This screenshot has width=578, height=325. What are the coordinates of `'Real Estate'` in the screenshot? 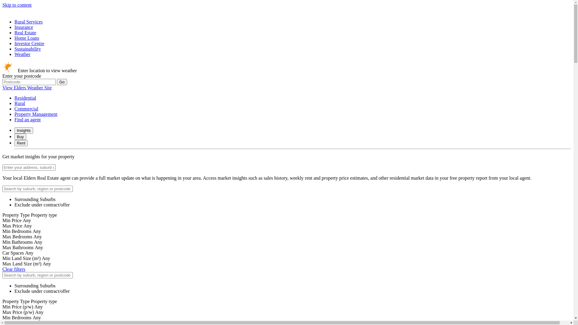 It's located at (14, 32).